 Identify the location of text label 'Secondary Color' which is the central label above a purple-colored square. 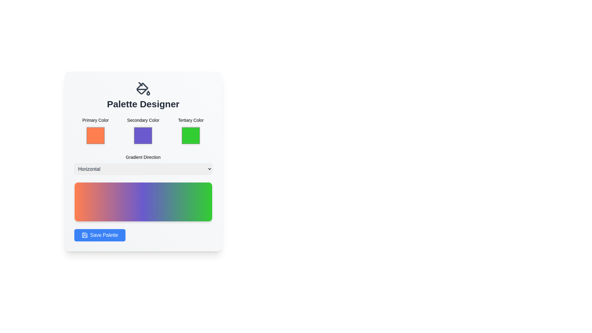
(143, 120).